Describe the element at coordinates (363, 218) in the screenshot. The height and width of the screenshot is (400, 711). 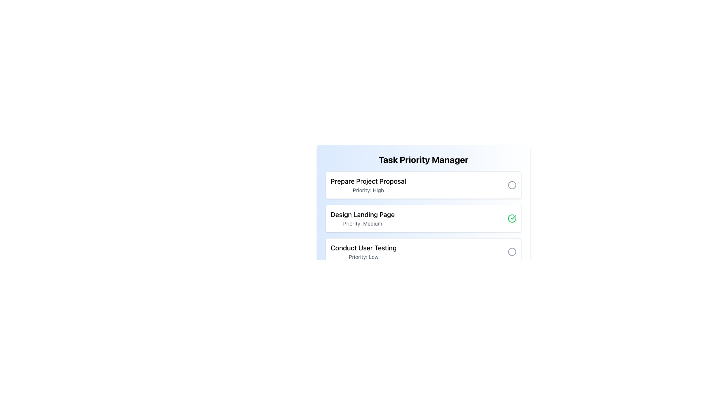
I see `the second task item in the vertical list of task cards` at that location.